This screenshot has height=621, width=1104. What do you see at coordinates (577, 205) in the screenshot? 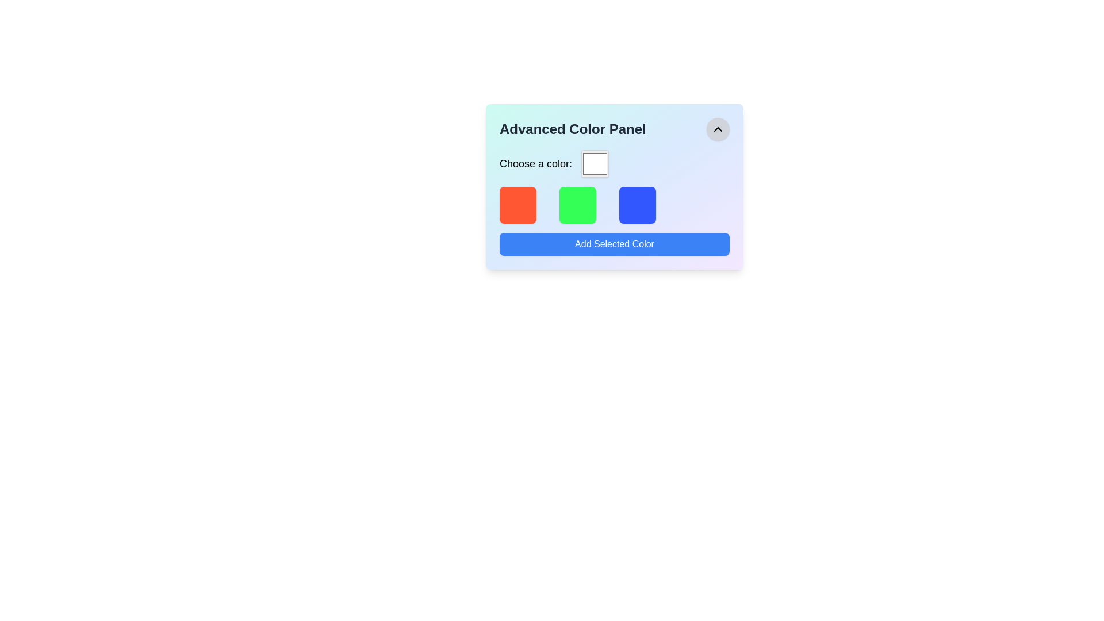
I see `the second square in a row of four squares that represents a selectable color option in the interface` at bounding box center [577, 205].